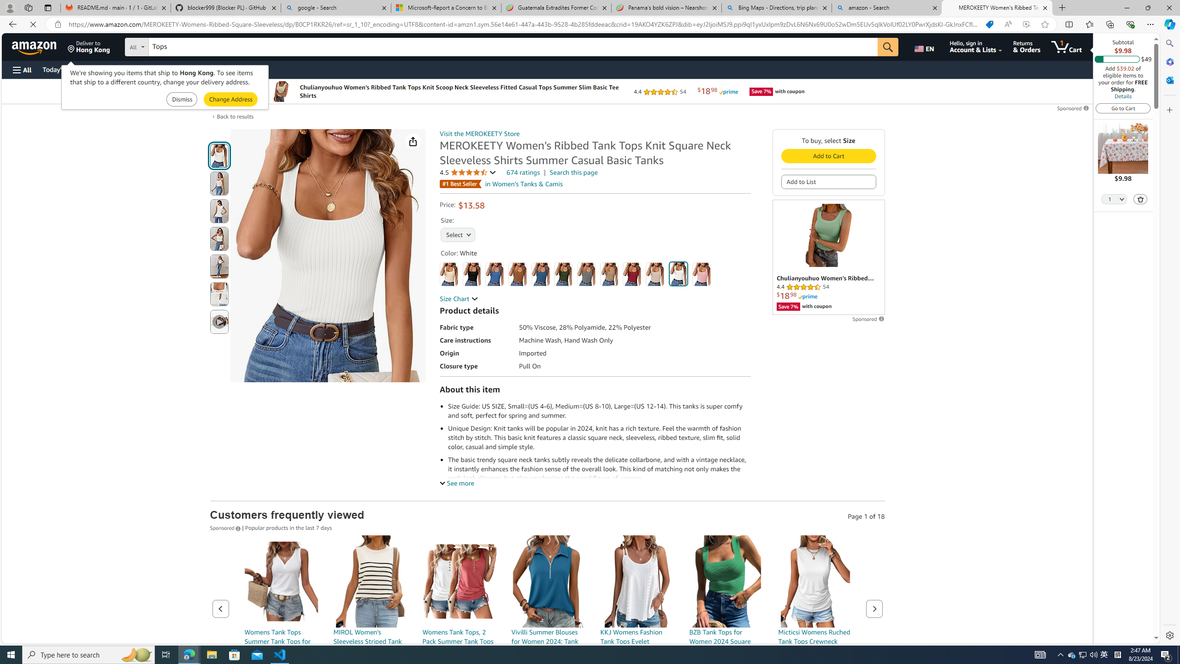  Describe the element at coordinates (21, 69) in the screenshot. I see `'Open Menu'` at that location.